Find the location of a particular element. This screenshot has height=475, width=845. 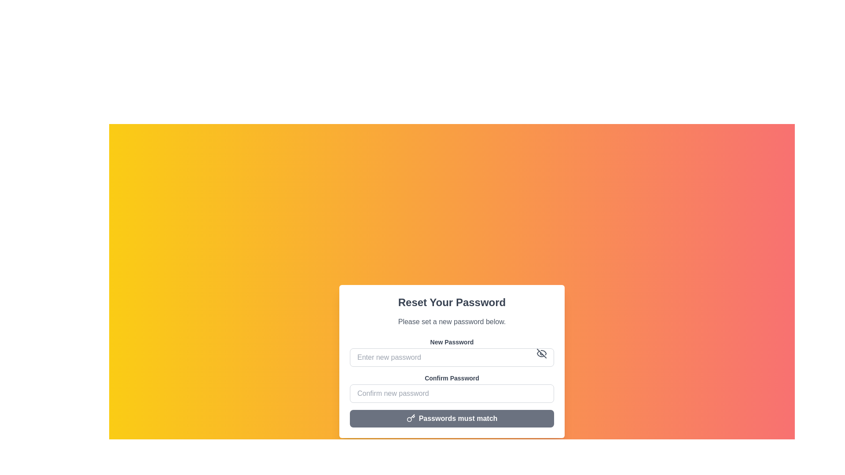

the 'New Password' text label, which is styled in bold gray text and positioned directly above the password input field is located at coordinates (452, 342).